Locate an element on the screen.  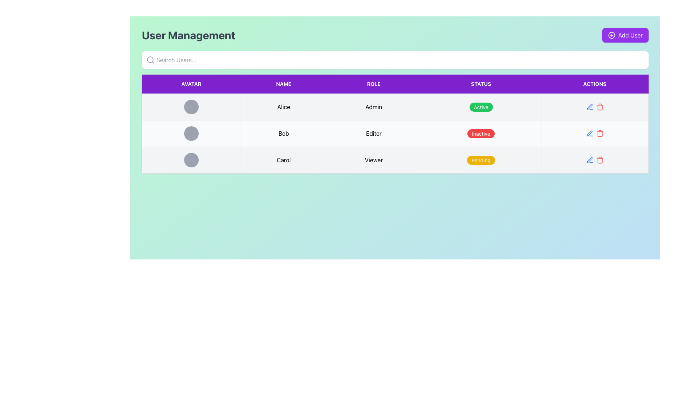
the text label displaying the name 'Carol' in the user management interface to possibly see a tooltip is located at coordinates (283, 159).